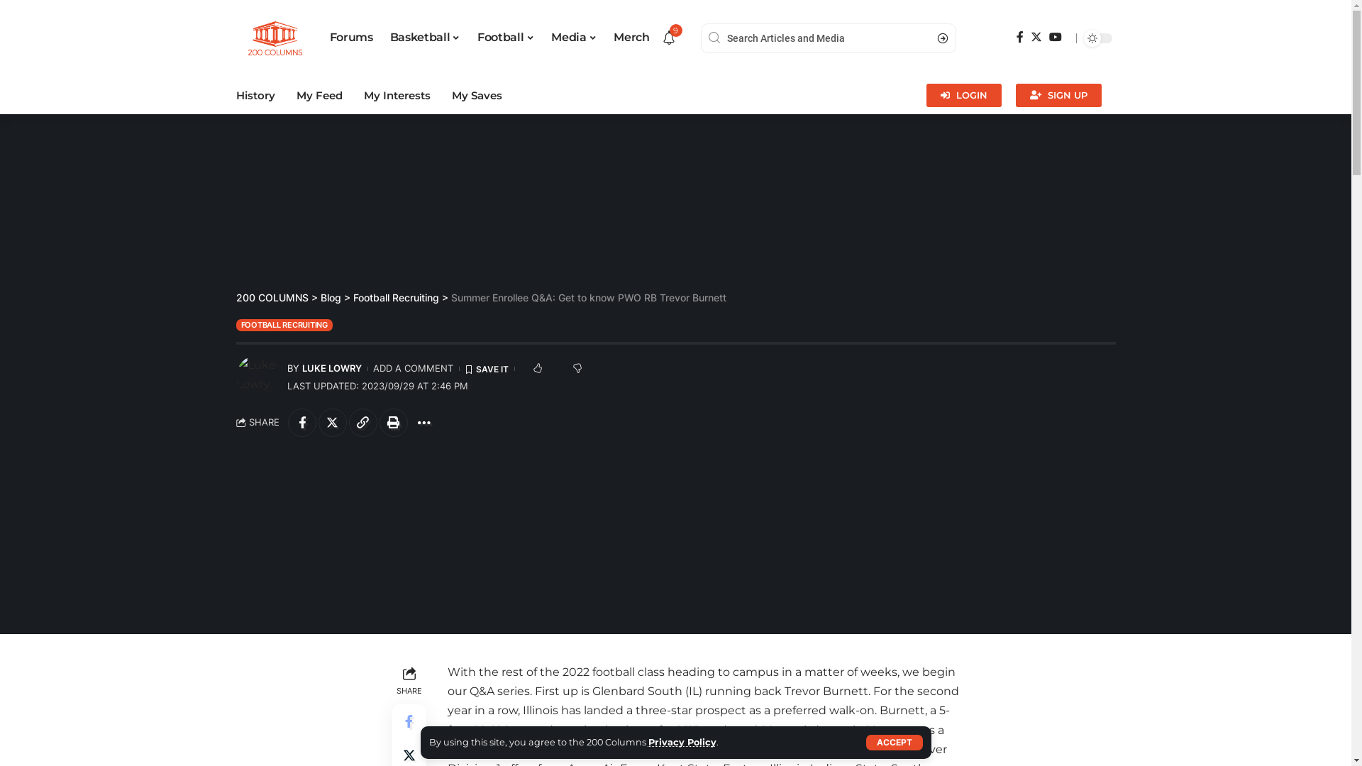 This screenshot has width=1362, height=766. Describe the element at coordinates (272, 296) in the screenshot. I see `'200 COLUMNS'` at that location.